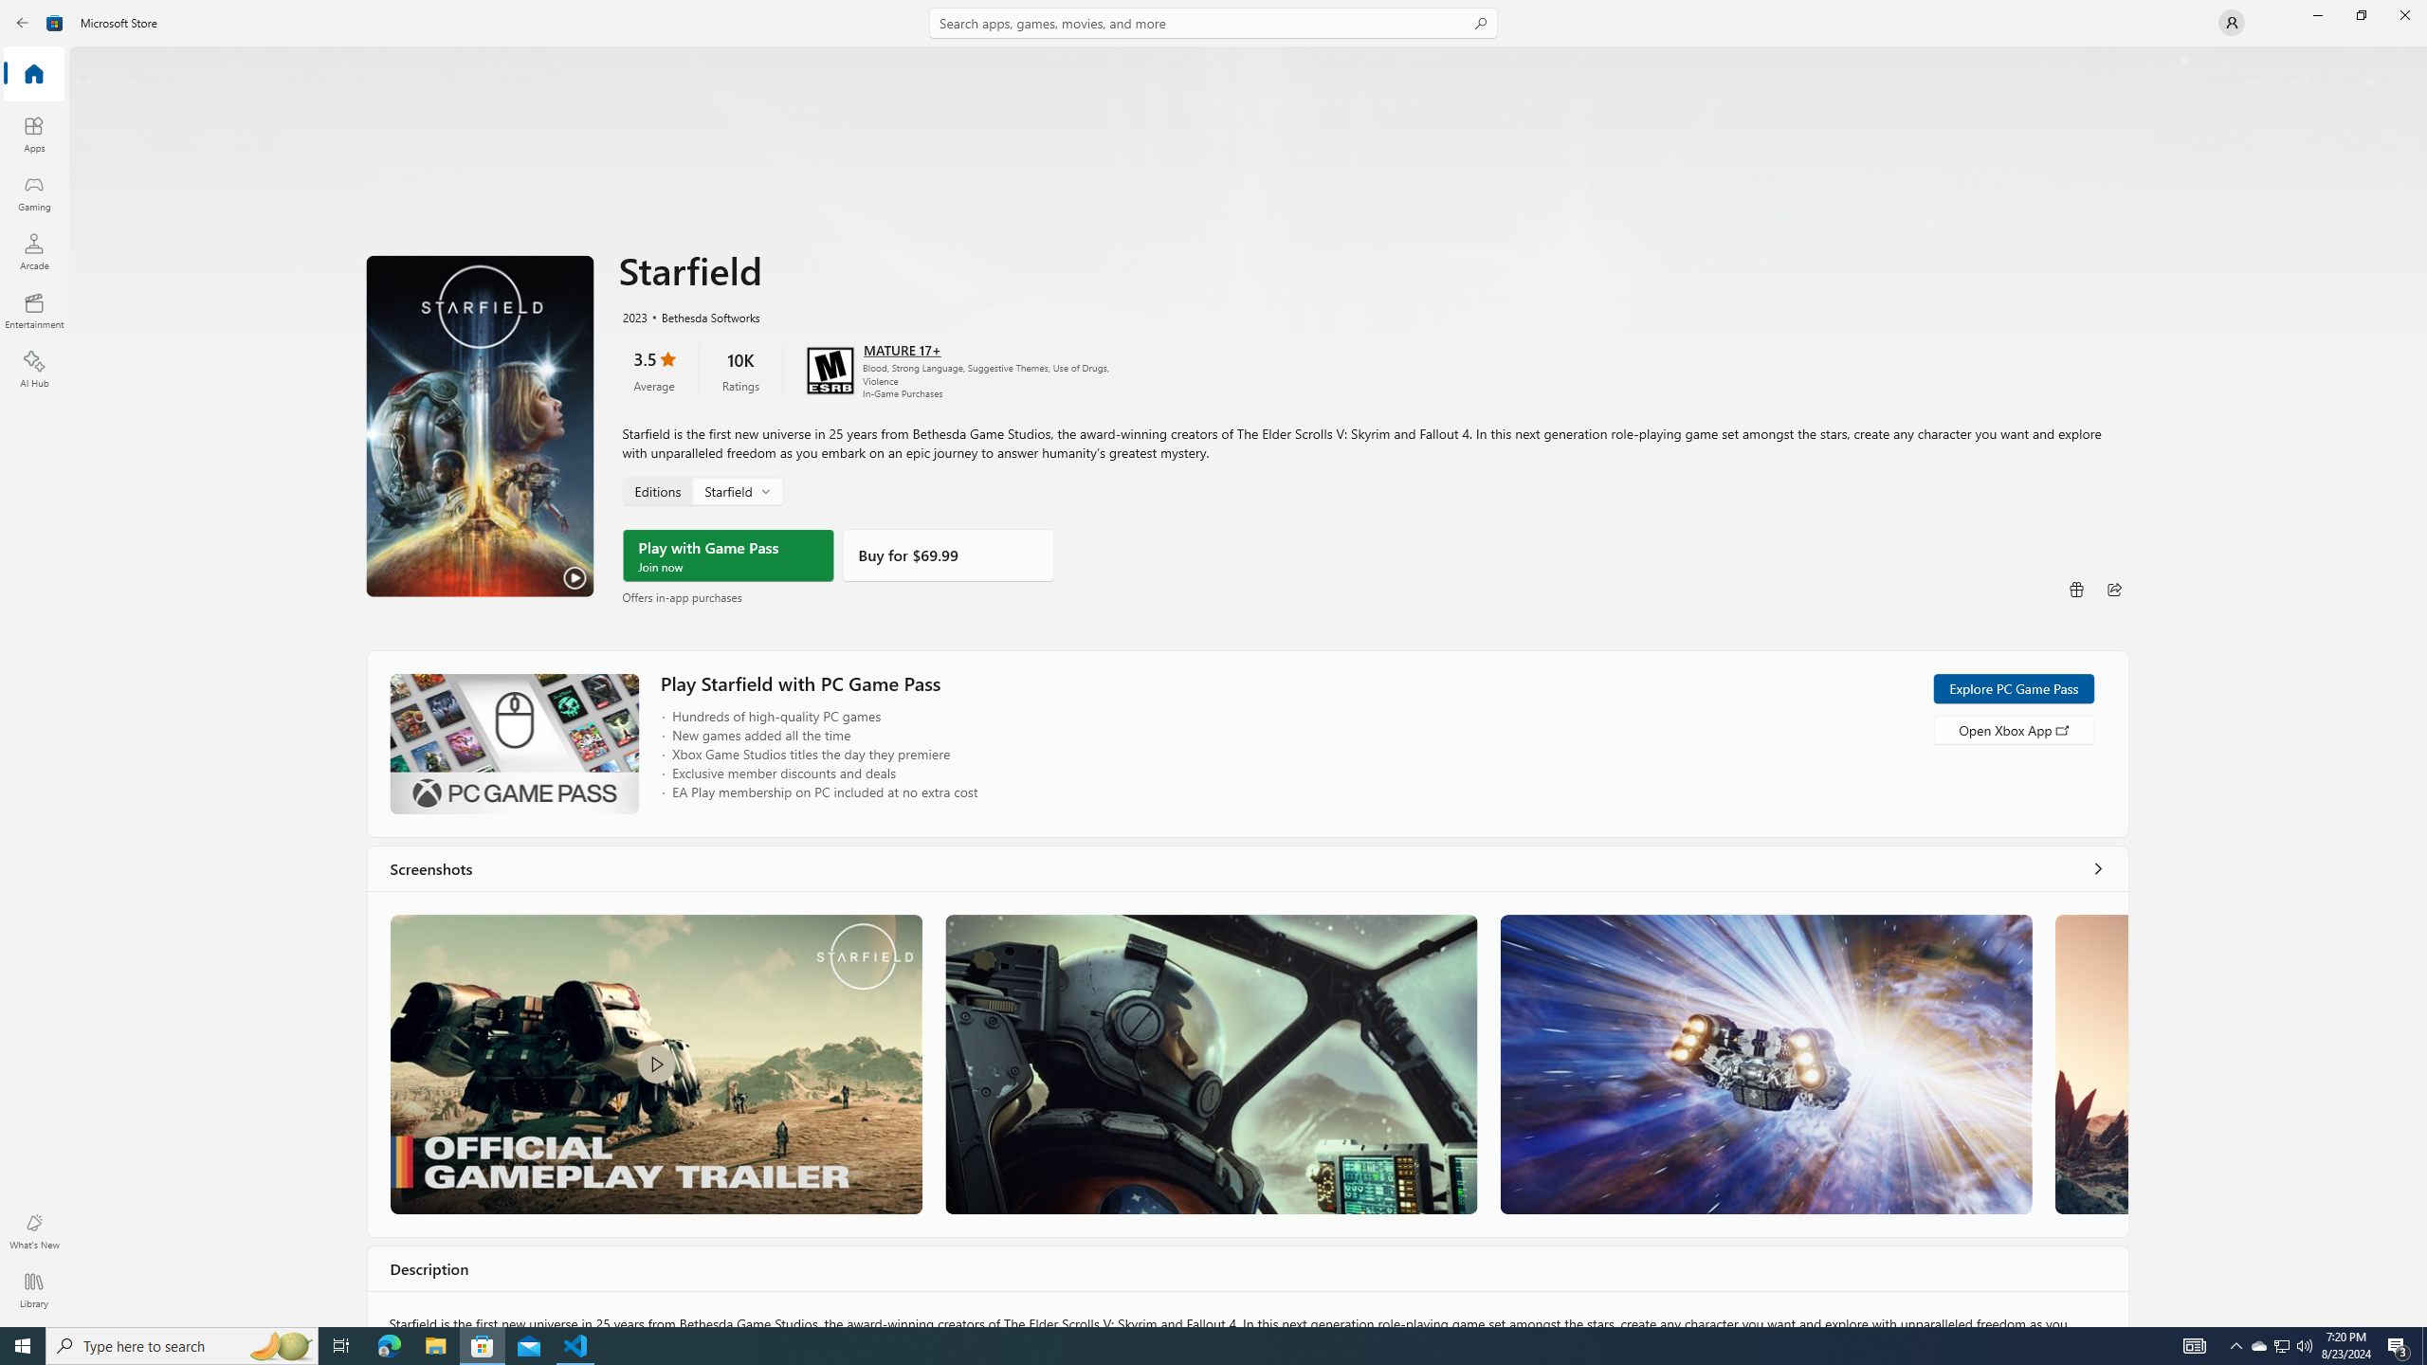  What do you see at coordinates (633, 316) in the screenshot?
I see `'2023'` at bounding box center [633, 316].